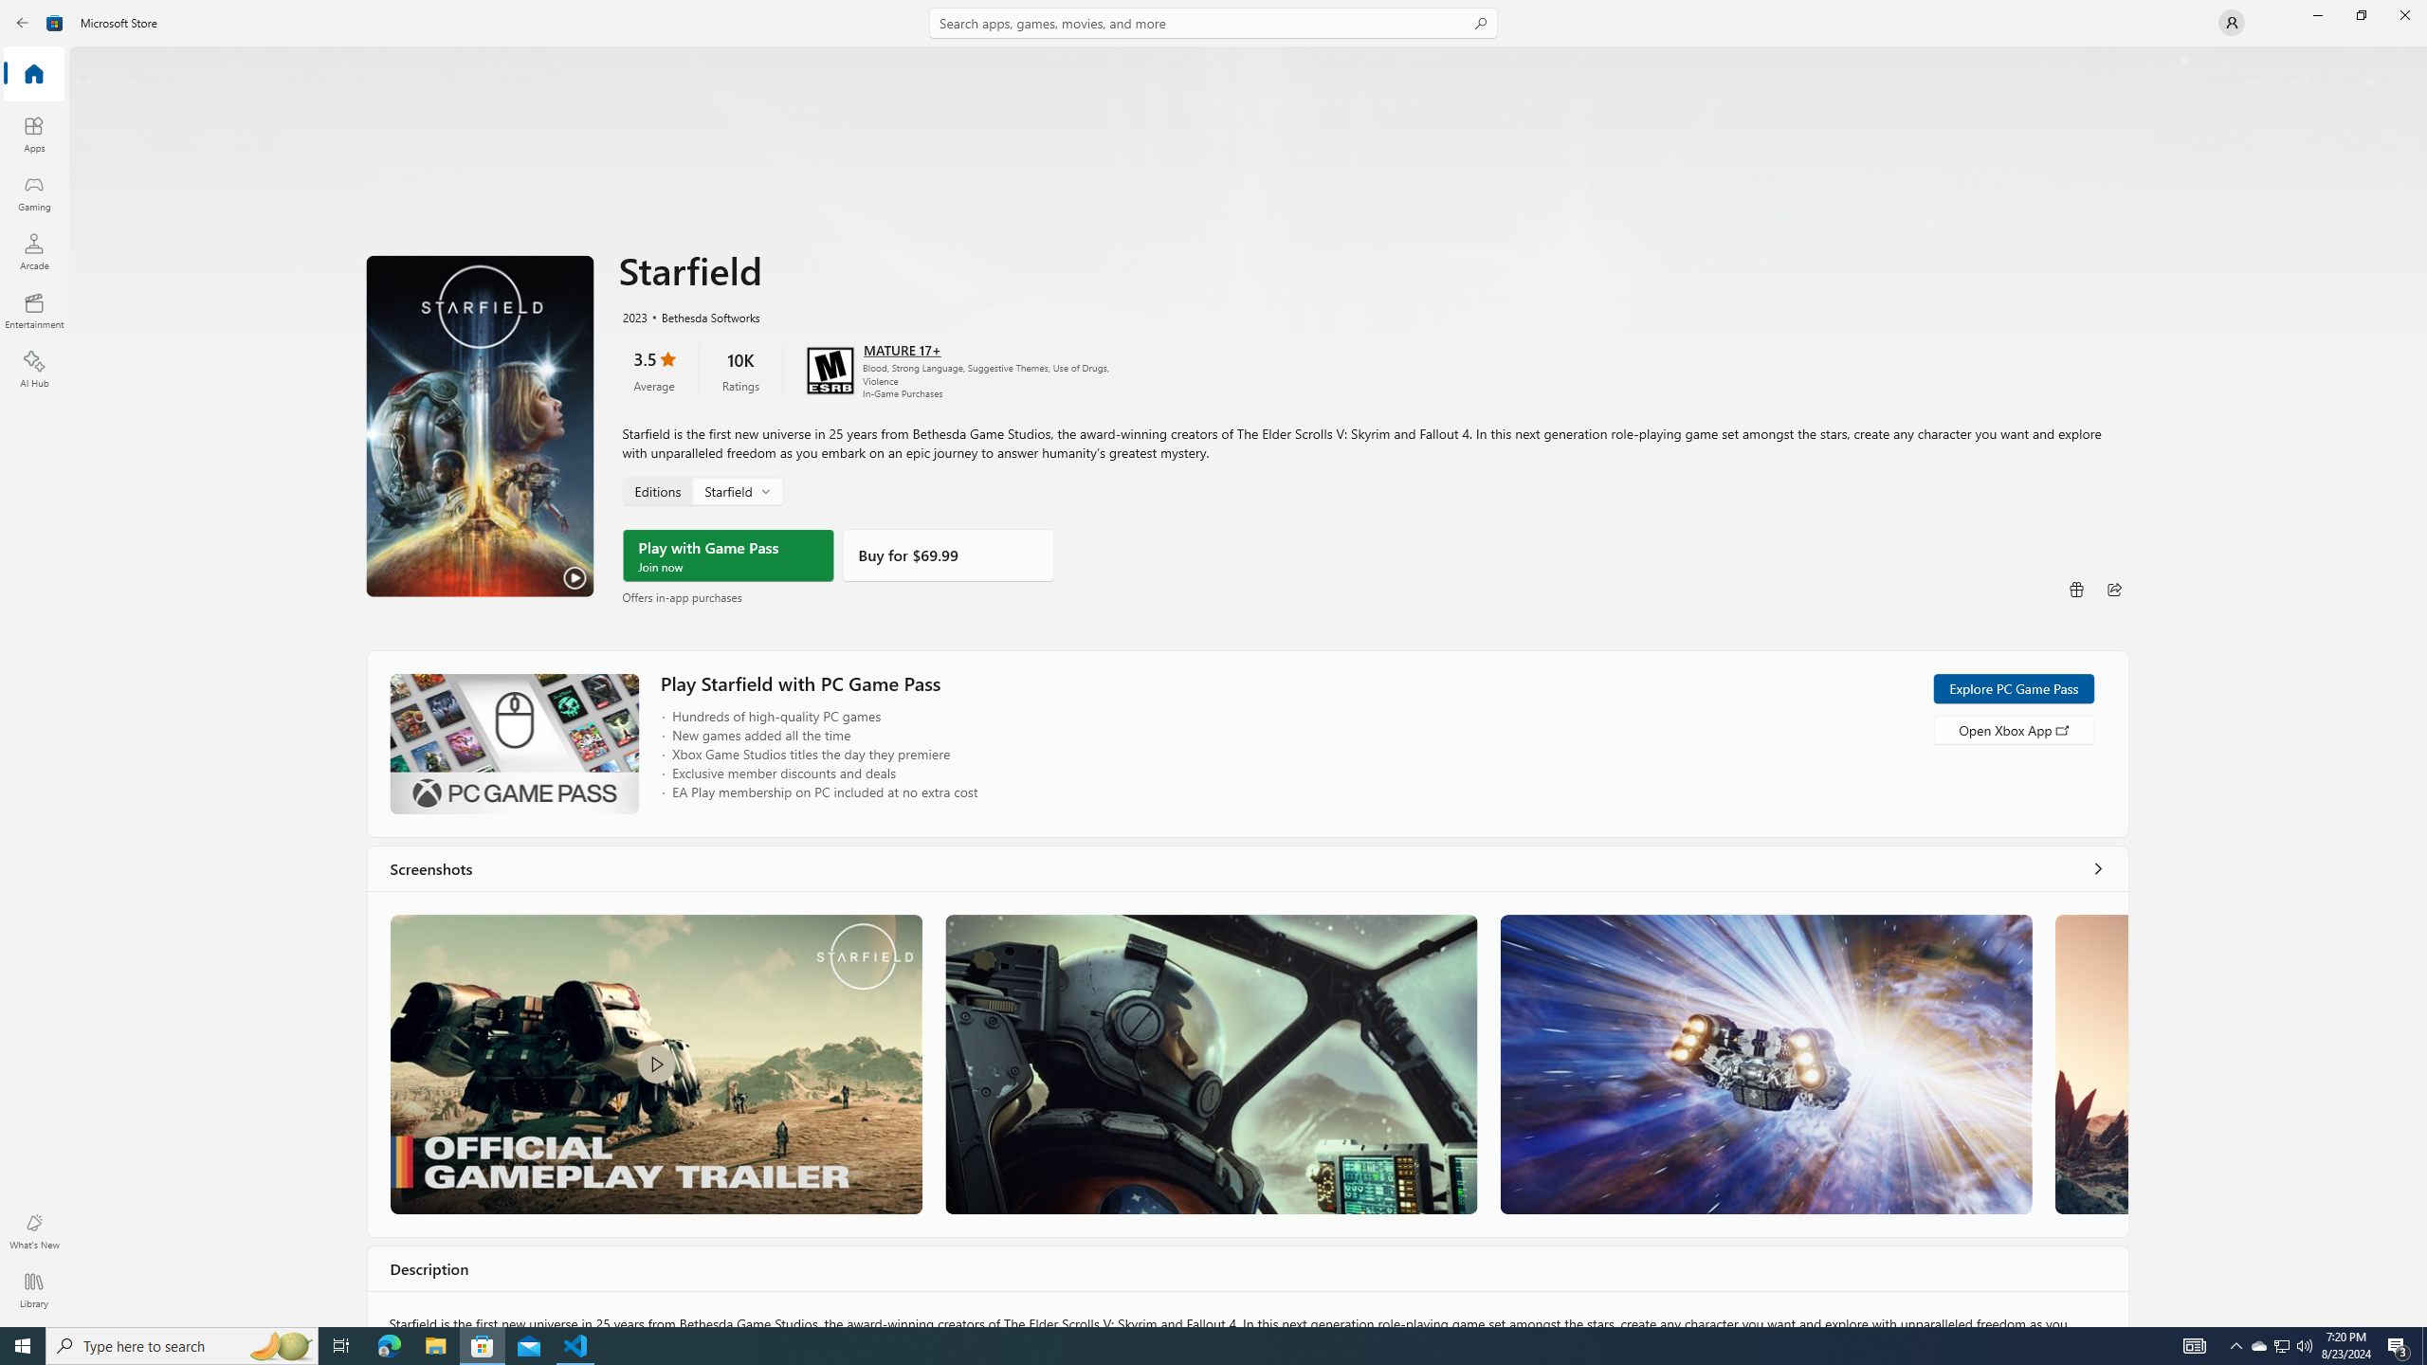  What do you see at coordinates (633, 316) in the screenshot?
I see `'2023'` at bounding box center [633, 316].